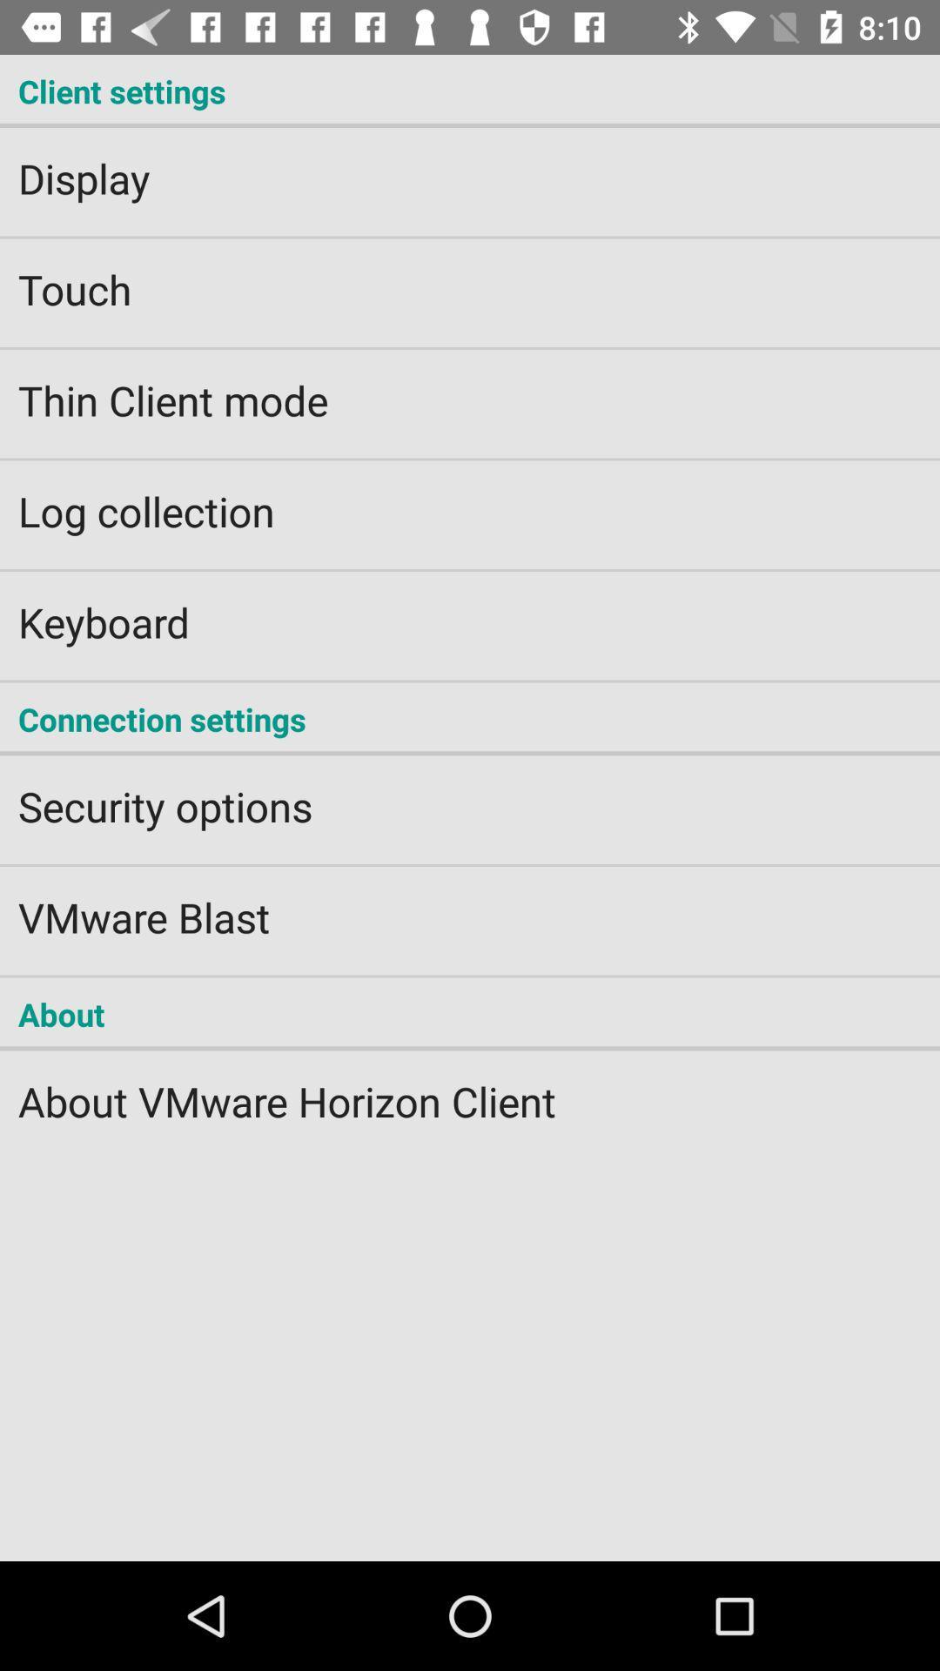 The width and height of the screenshot is (940, 1671). I want to click on the about vmware horizon icon, so click(470, 1089).